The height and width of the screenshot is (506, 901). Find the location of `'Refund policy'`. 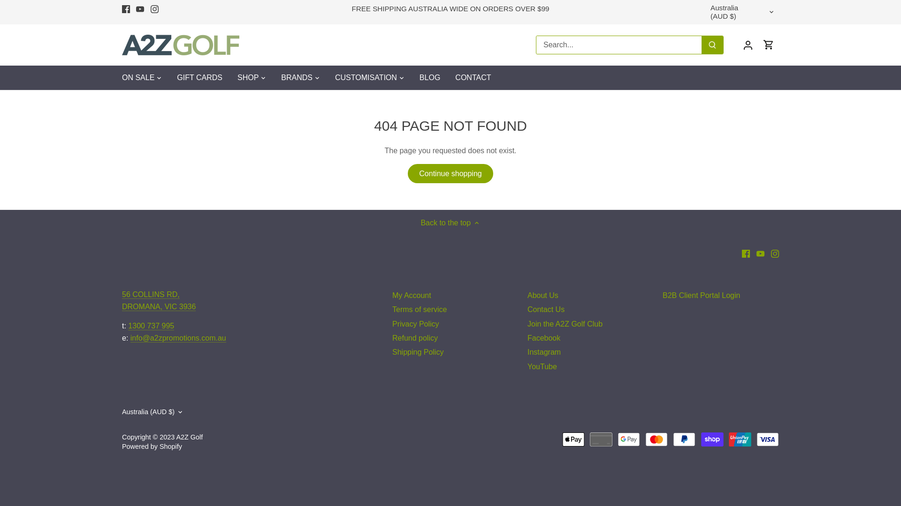

'Refund policy' is located at coordinates (414, 338).